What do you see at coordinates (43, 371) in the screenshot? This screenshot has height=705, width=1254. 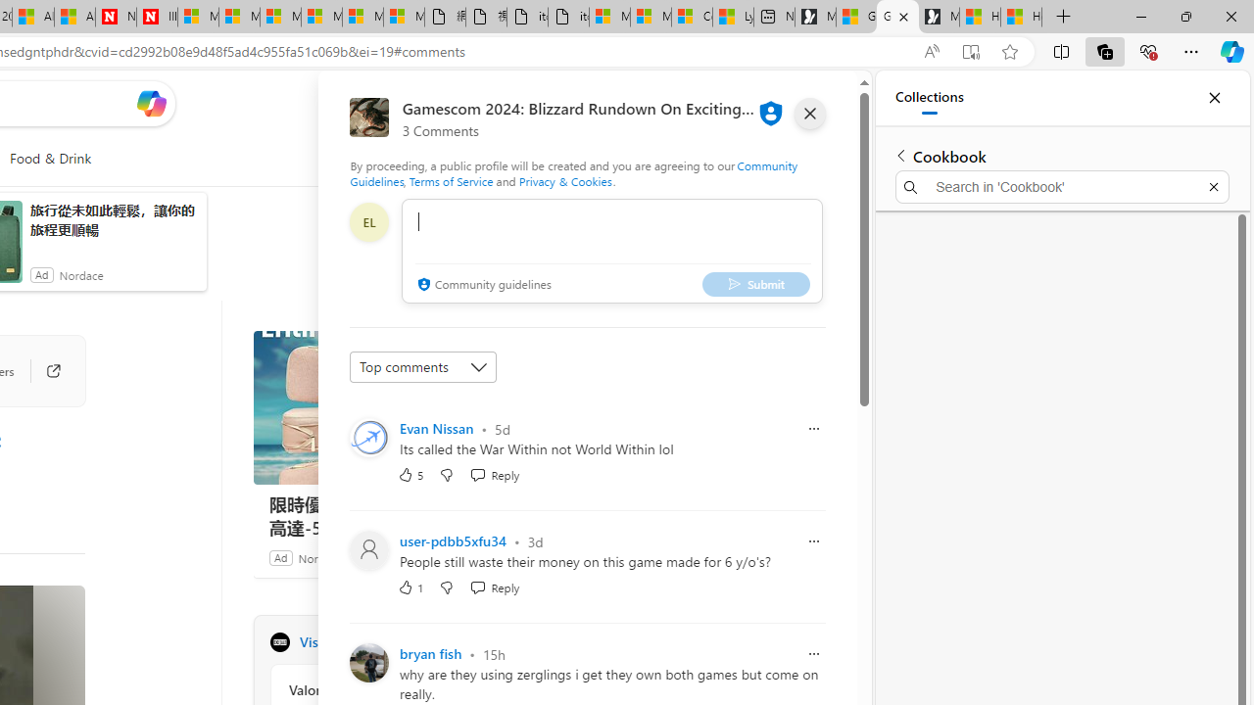 I see `'Go to publisher'` at bounding box center [43, 371].